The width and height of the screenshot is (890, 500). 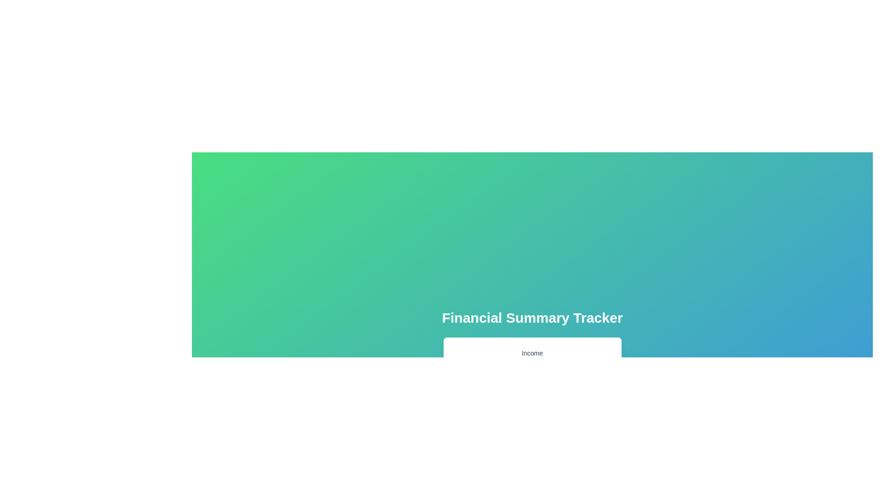 What do you see at coordinates (532, 353) in the screenshot?
I see `the 'Income' text label which serves as a label for the numeric input field indicating income-related information, located under the 'Financial Summary Tracker' title` at bounding box center [532, 353].